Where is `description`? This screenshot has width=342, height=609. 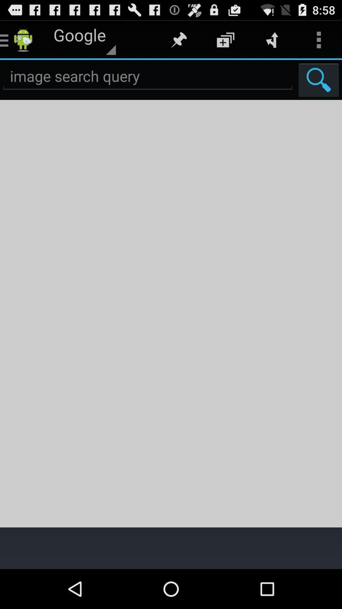 description is located at coordinates (171, 313).